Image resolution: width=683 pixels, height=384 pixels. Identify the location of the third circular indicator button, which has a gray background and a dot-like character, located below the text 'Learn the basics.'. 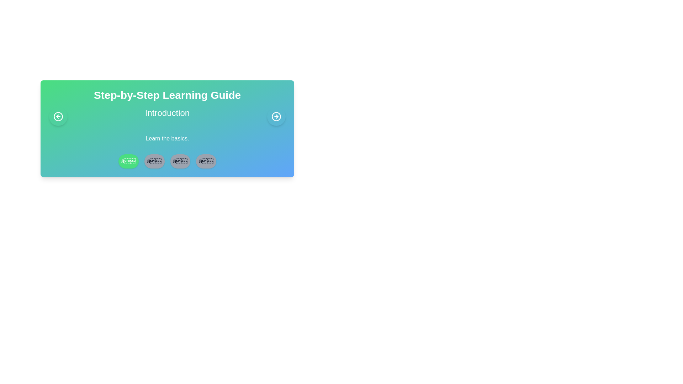
(180, 161).